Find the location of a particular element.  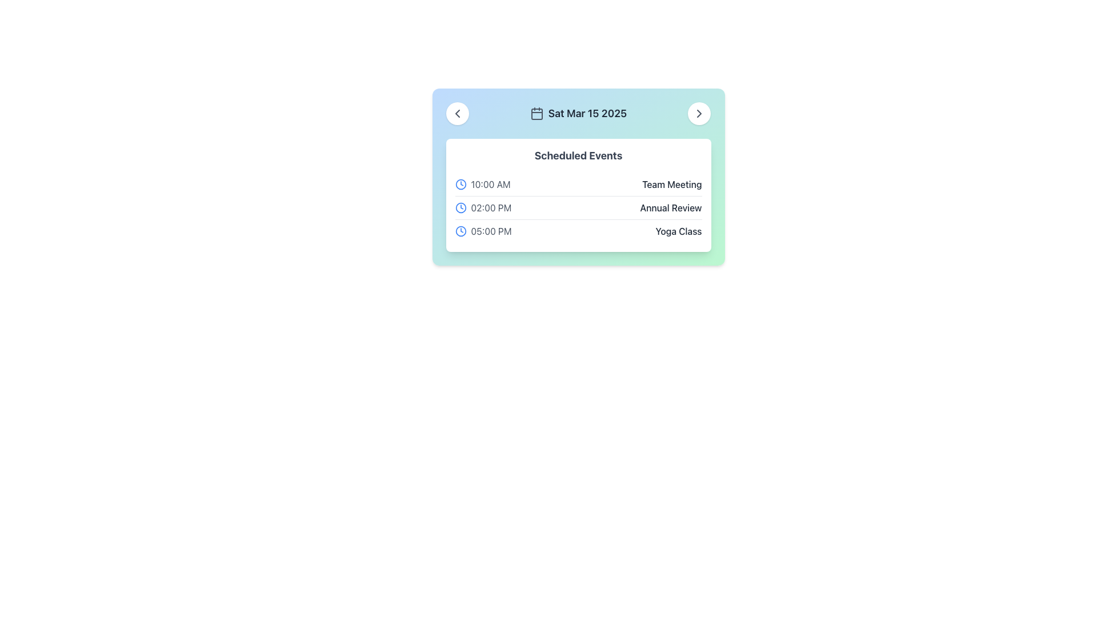

the text label displaying the time '05:00 PM' in the list of scheduled events, located in the bottom-right quadrant of the interface is located at coordinates (491, 231).